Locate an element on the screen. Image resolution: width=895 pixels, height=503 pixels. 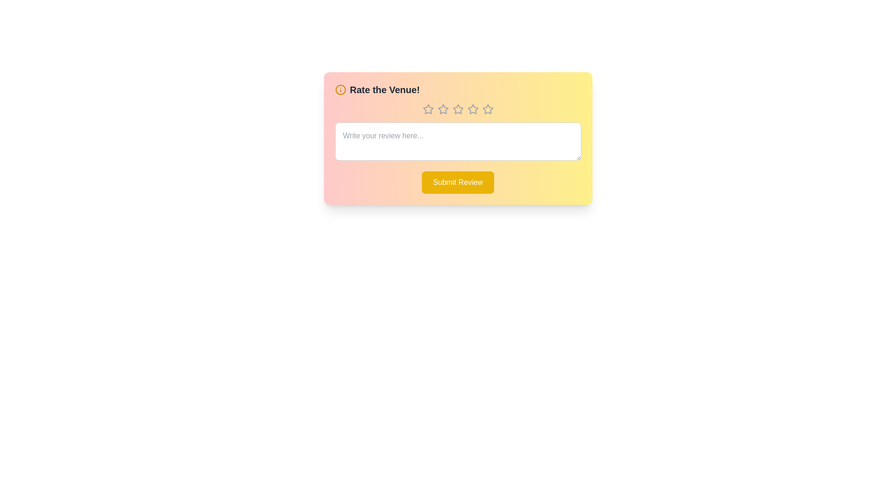
the rating to 4 stars by clicking on the corresponding star is located at coordinates (473, 109).